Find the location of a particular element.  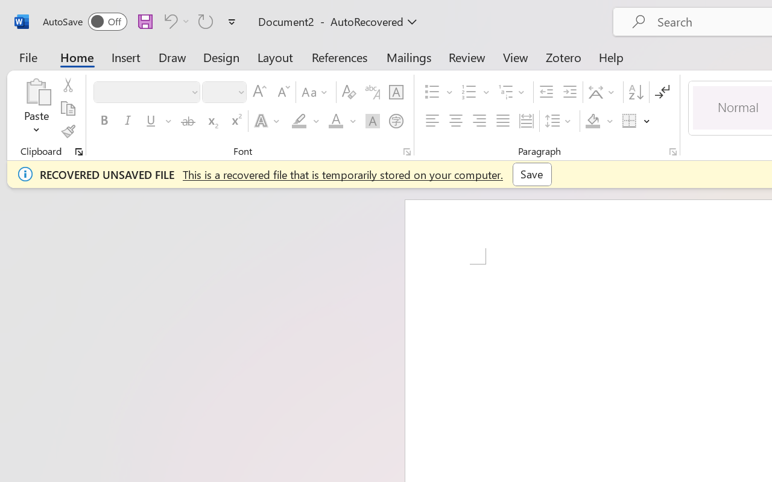

'Shading RGB(0, 0, 0)' is located at coordinates (593, 121).